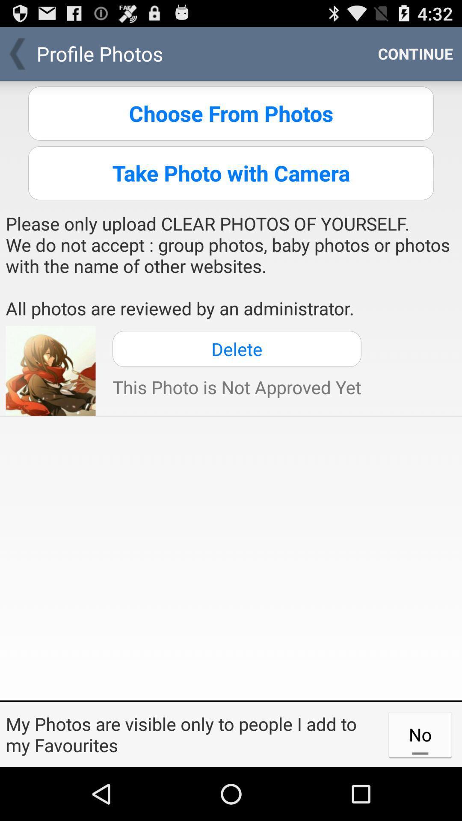 This screenshot has width=462, height=821. Describe the element at coordinates (237, 349) in the screenshot. I see `delete item` at that location.